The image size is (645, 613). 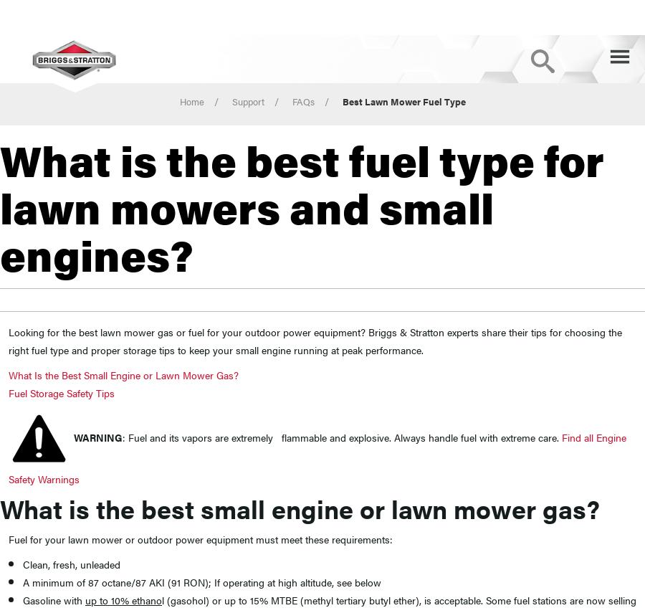 What do you see at coordinates (7, 538) in the screenshot?
I see `'Fuel for your lawn mower or outdoor power equipment must meet these requirements:'` at bounding box center [7, 538].